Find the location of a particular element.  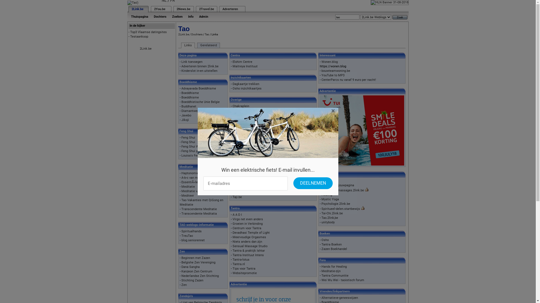

'Gerelateerd' is located at coordinates (208, 45).